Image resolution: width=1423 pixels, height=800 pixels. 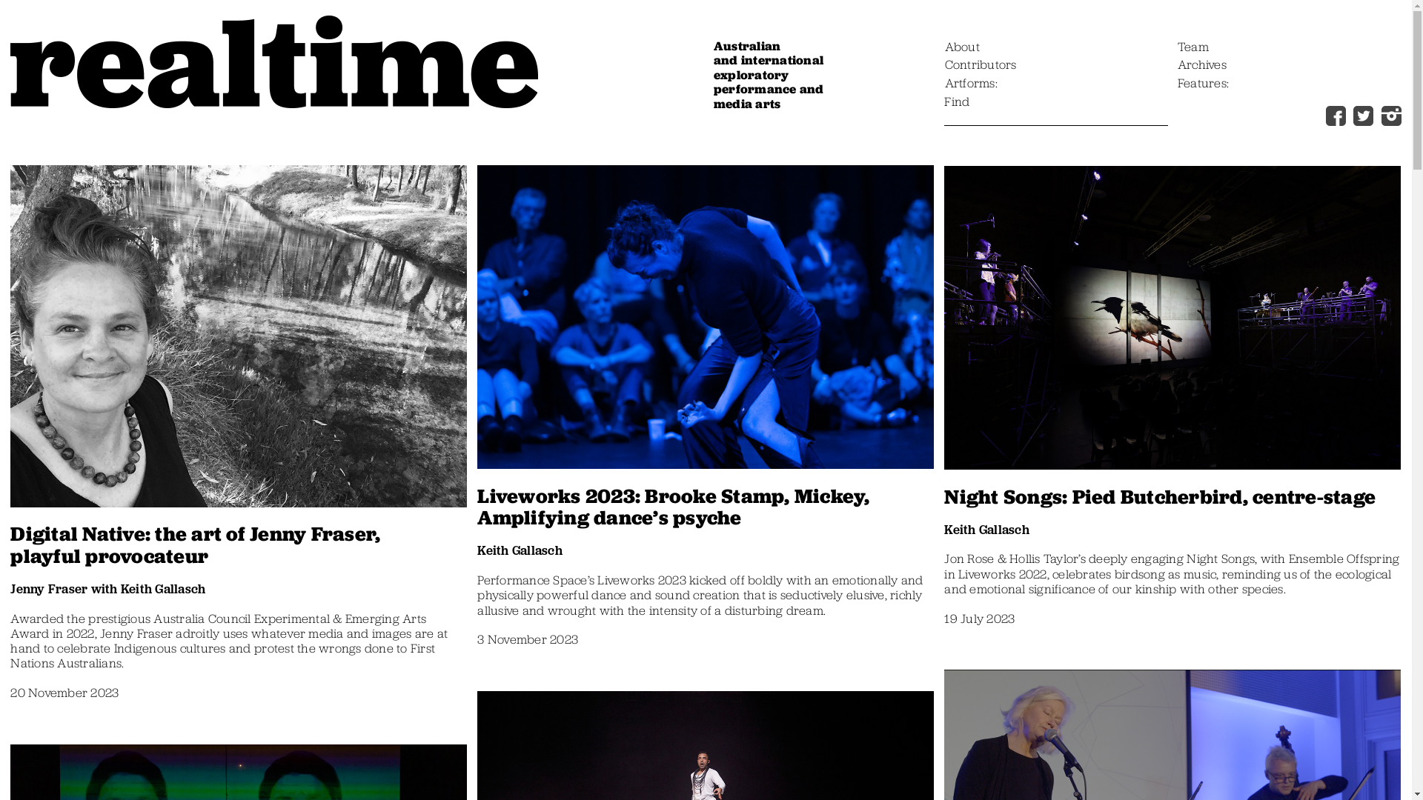 What do you see at coordinates (1202, 64) in the screenshot?
I see `'Archives'` at bounding box center [1202, 64].